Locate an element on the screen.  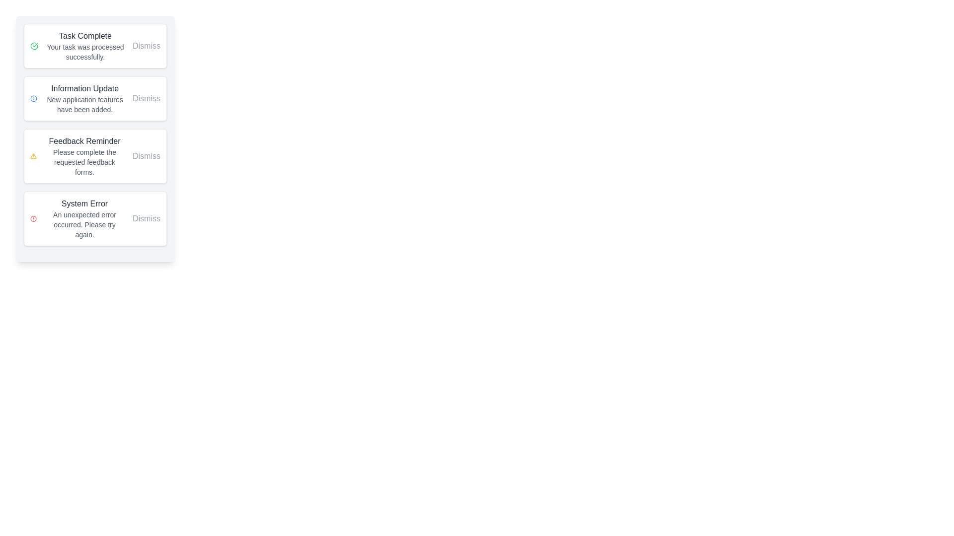
the SVG Arc icon that visually indicates the 'Task Complete' status, located in the top-left section of the list item labeled 'Task Complete' is located at coordinates (34, 46).